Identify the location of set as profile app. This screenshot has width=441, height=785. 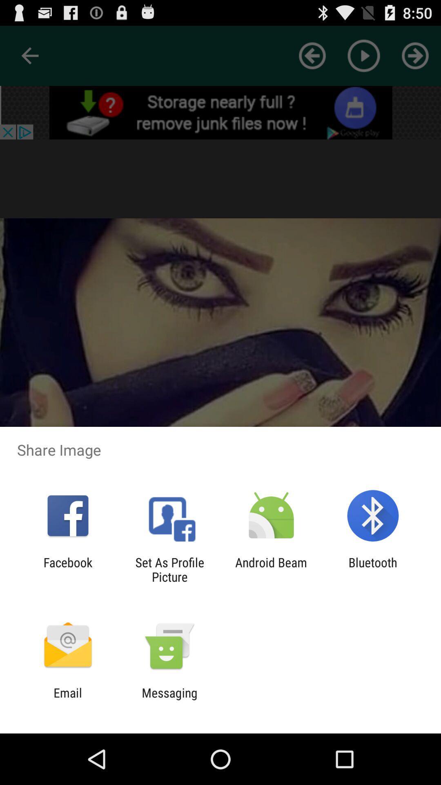
(169, 569).